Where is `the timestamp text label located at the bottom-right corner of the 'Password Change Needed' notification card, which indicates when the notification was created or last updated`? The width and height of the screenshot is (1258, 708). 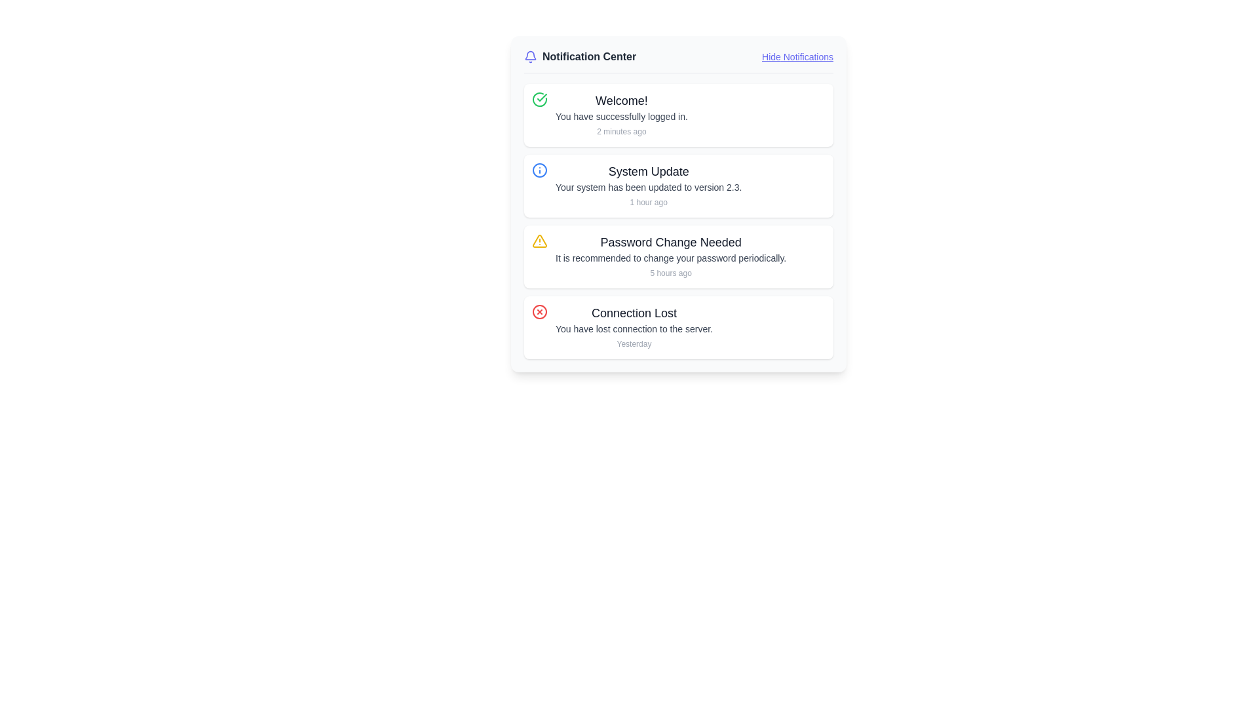 the timestamp text label located at the bottom-right corner of the 'Password Change Needed' notification card, which indicates when the notification was created or last updated is located at coordinates (671, 272).